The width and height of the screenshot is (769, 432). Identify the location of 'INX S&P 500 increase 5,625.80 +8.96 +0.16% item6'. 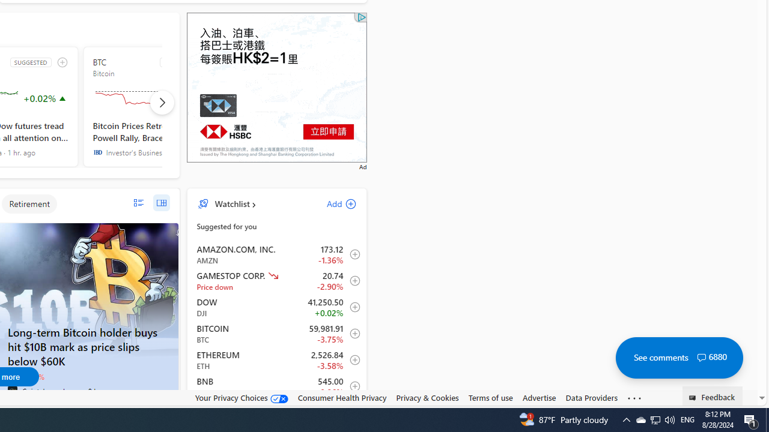
(276, 412).